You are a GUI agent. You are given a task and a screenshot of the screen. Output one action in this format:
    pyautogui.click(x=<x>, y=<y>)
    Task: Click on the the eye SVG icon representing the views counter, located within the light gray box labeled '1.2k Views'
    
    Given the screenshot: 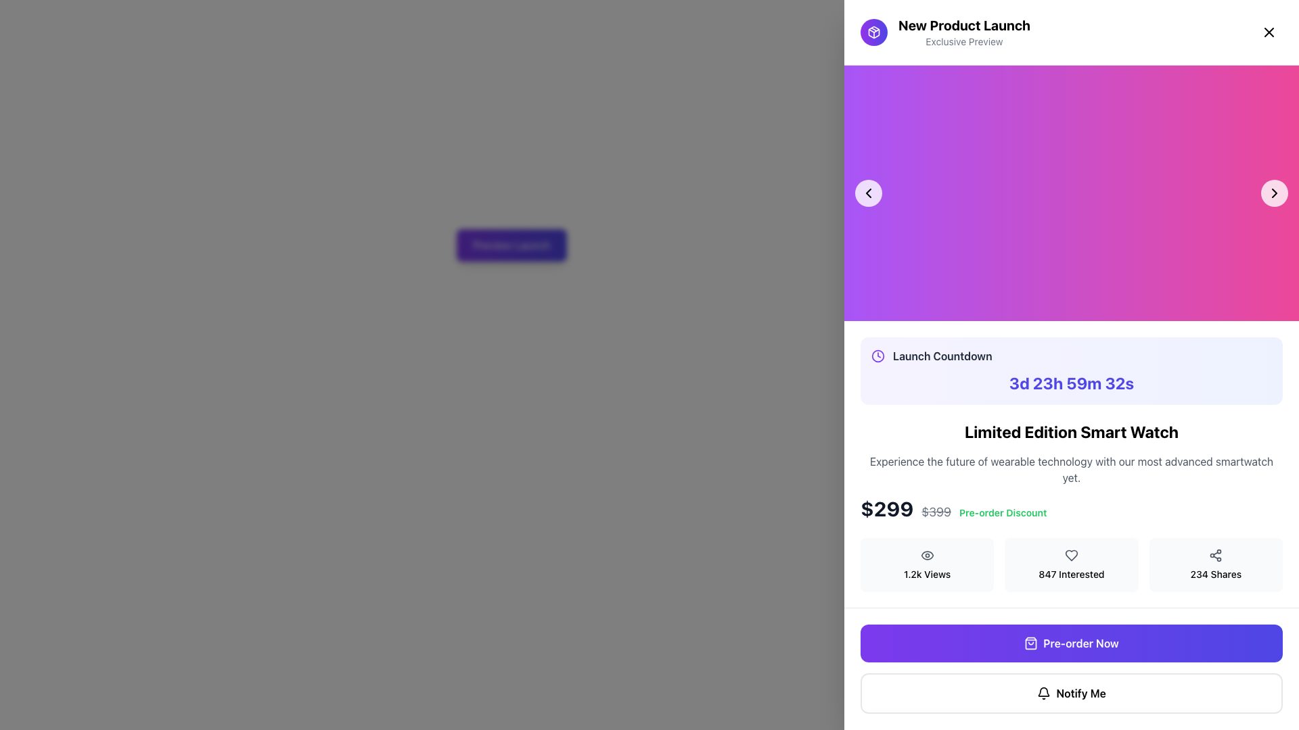 What is the action you would take?
    pyautogui.click(x=926, y=555)
    